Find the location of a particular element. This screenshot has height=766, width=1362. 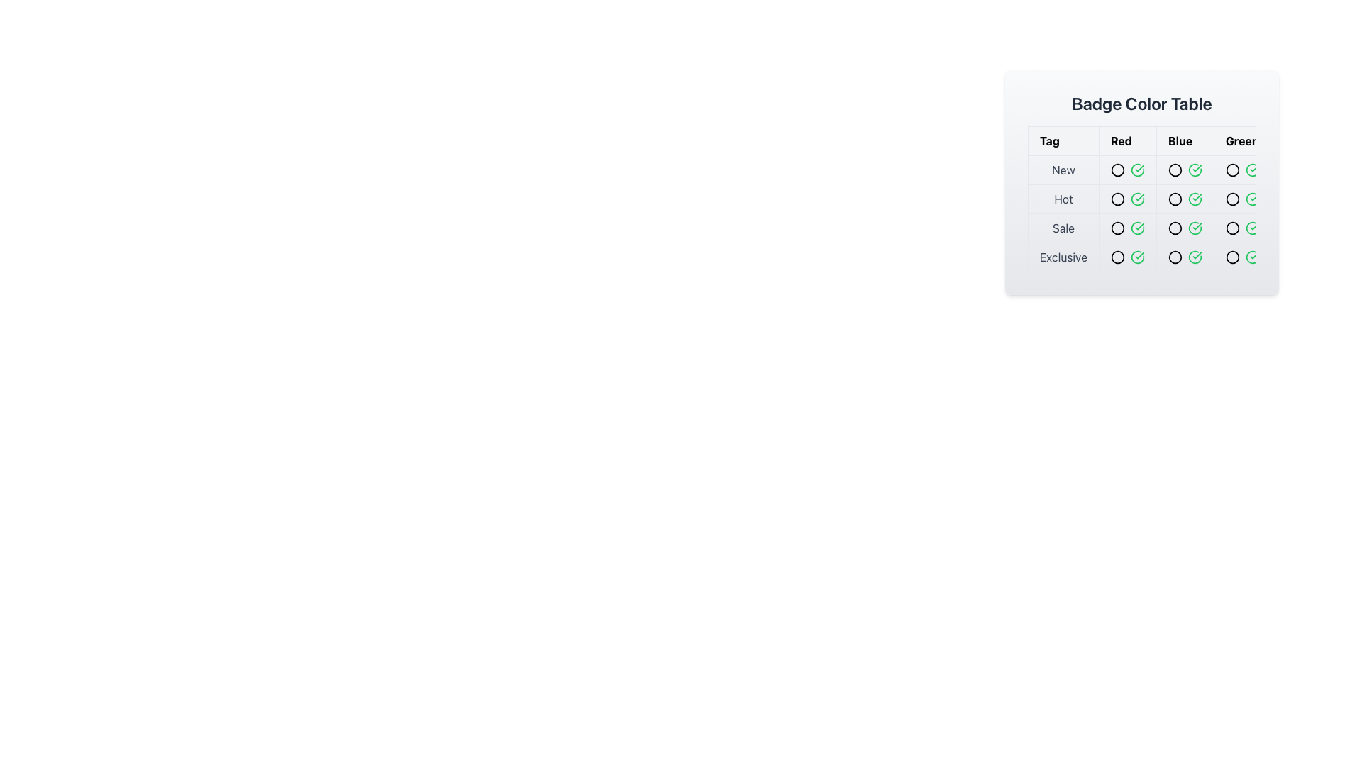

the circular red icon in the 'Badge Color Table' under the 'Sale' row and 'Blue' column is located at coordinates (1175, 227).